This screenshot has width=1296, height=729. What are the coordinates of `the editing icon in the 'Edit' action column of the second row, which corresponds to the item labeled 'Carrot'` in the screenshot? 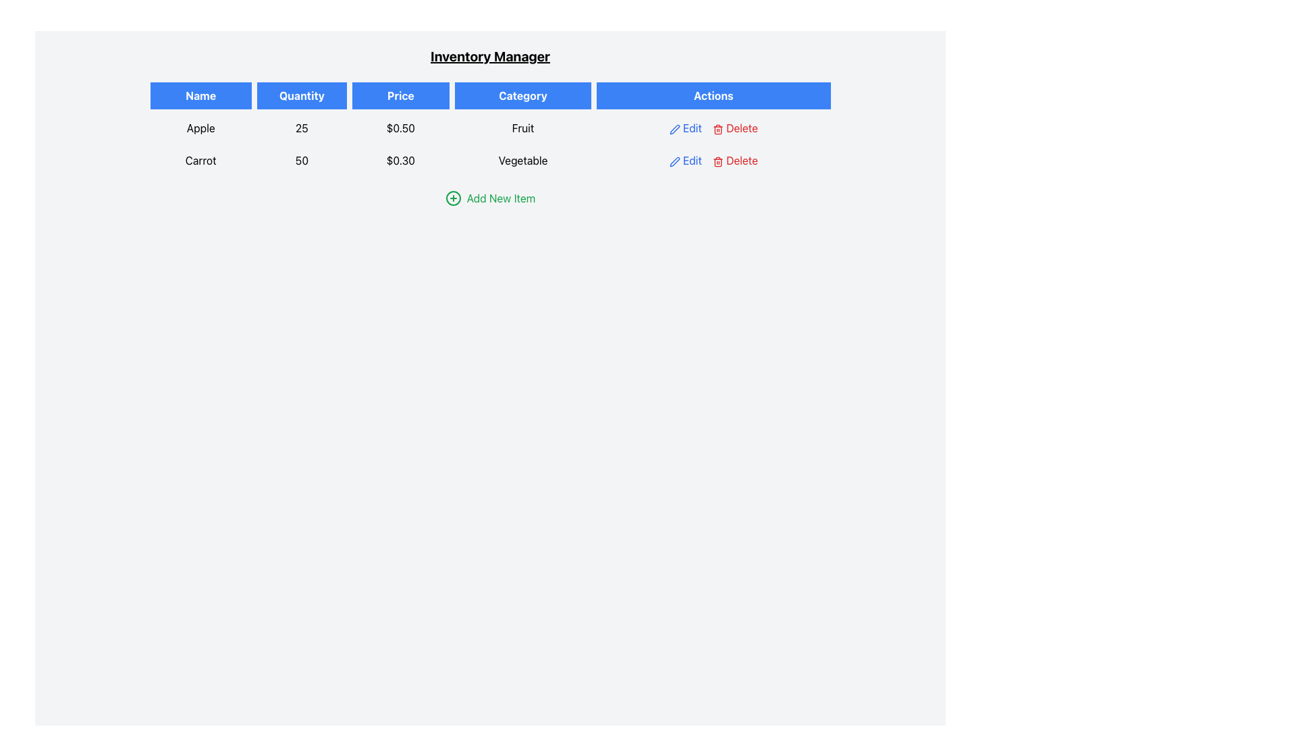 It's located at (674, 161).